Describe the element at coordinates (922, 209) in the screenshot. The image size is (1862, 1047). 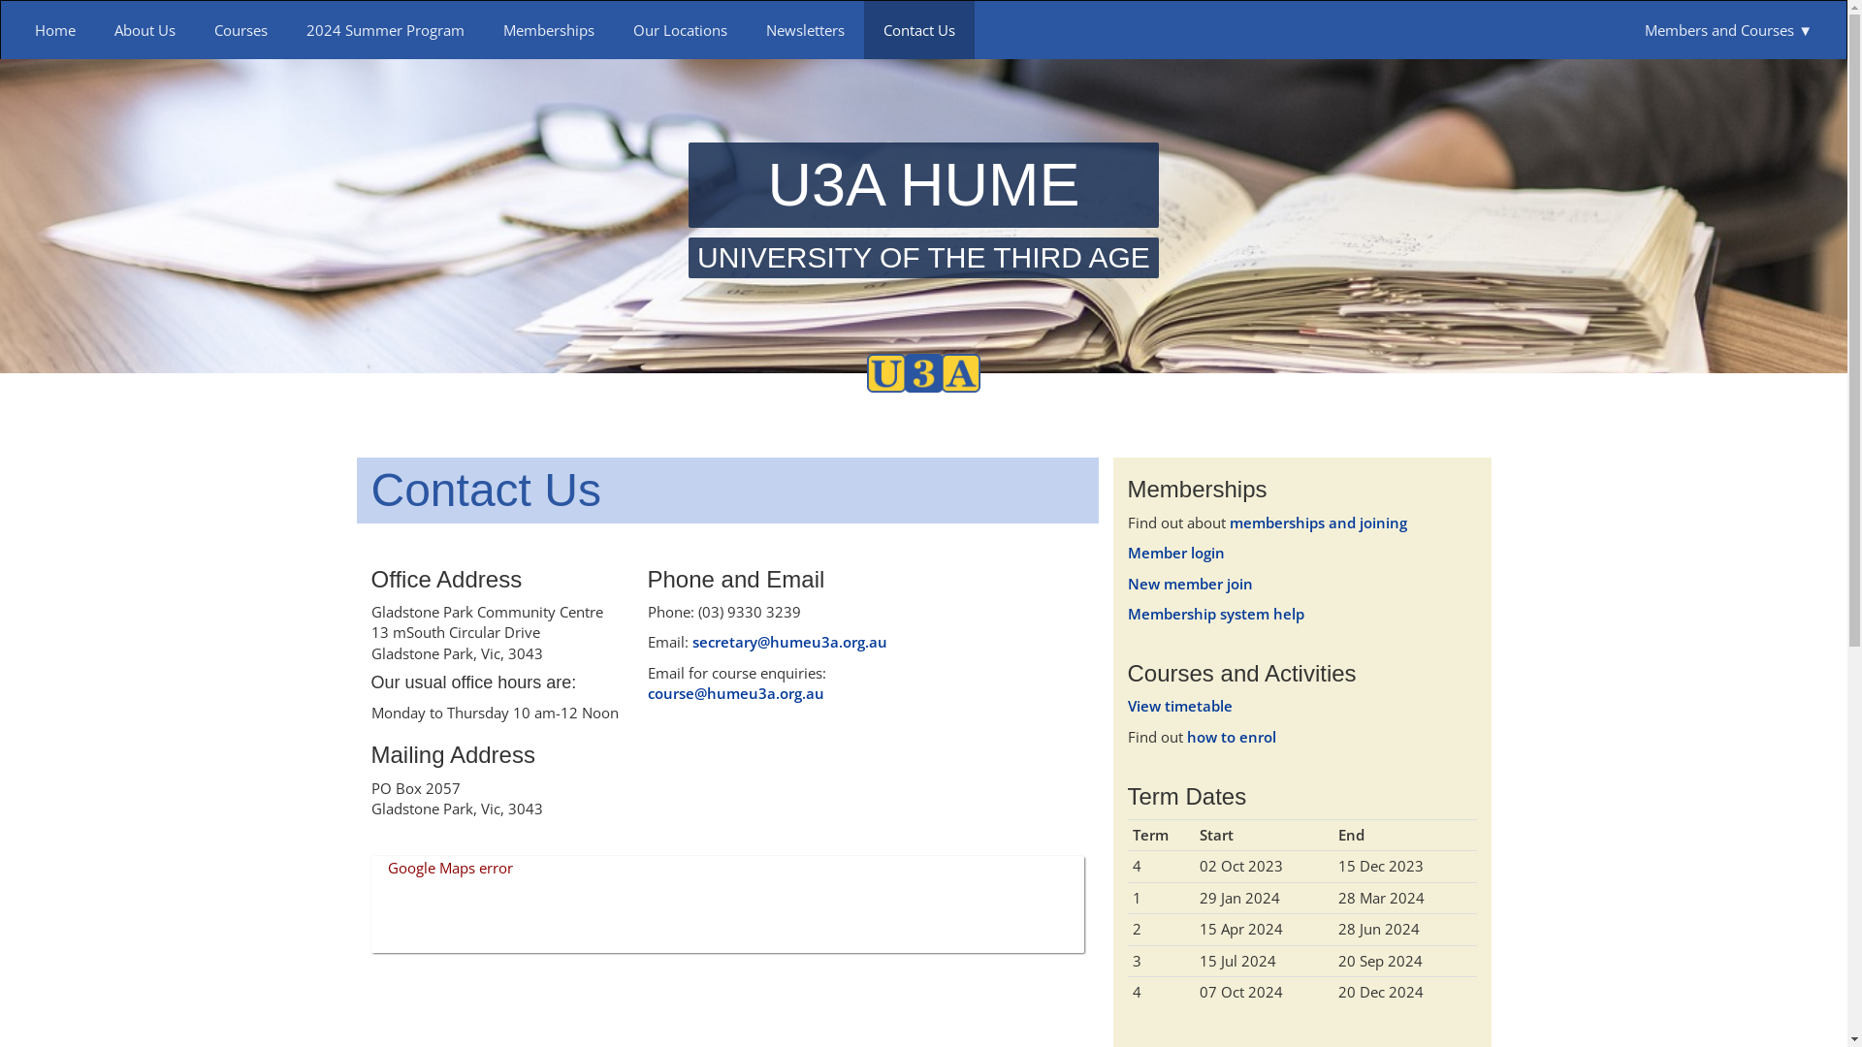
I see `'U3A HUME` at that location.